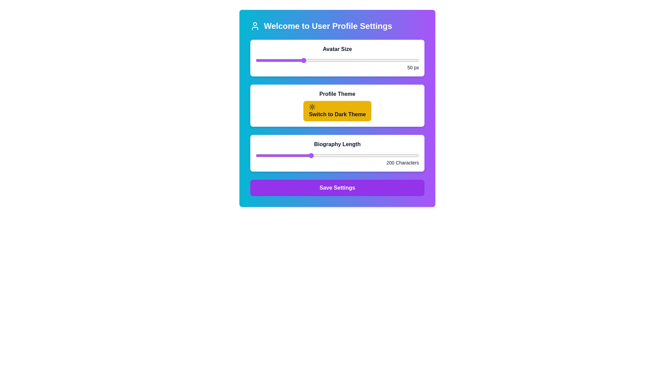 The image size is (653, 367). I want to click on the slider, so click(347, 60).